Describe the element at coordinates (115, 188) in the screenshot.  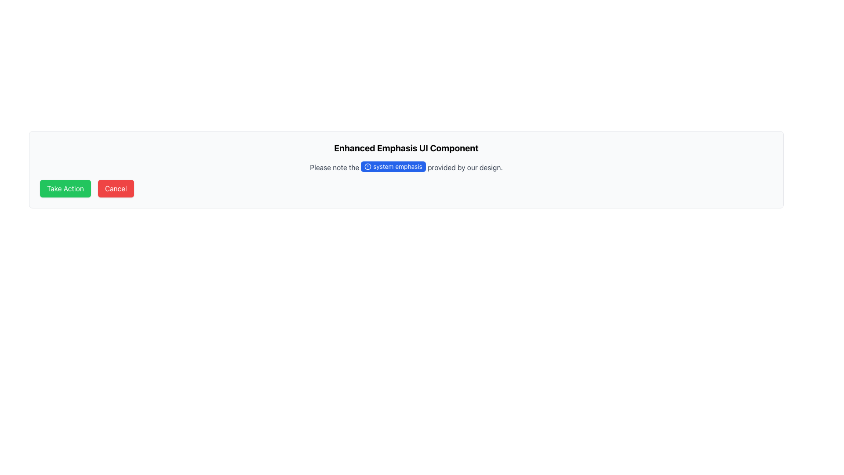
I see `the red 'Cancel' button with white text` at that location.